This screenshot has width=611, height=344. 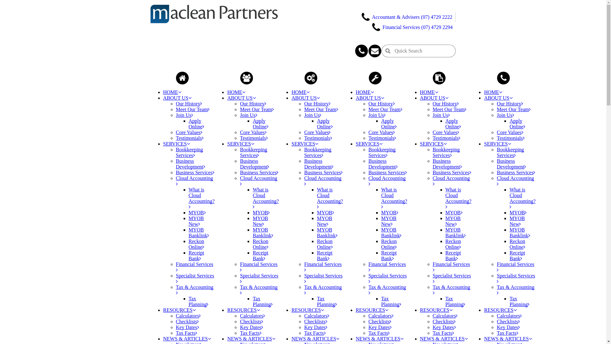 I want to click on 'Specialist Services', so click(x=323, y=278).